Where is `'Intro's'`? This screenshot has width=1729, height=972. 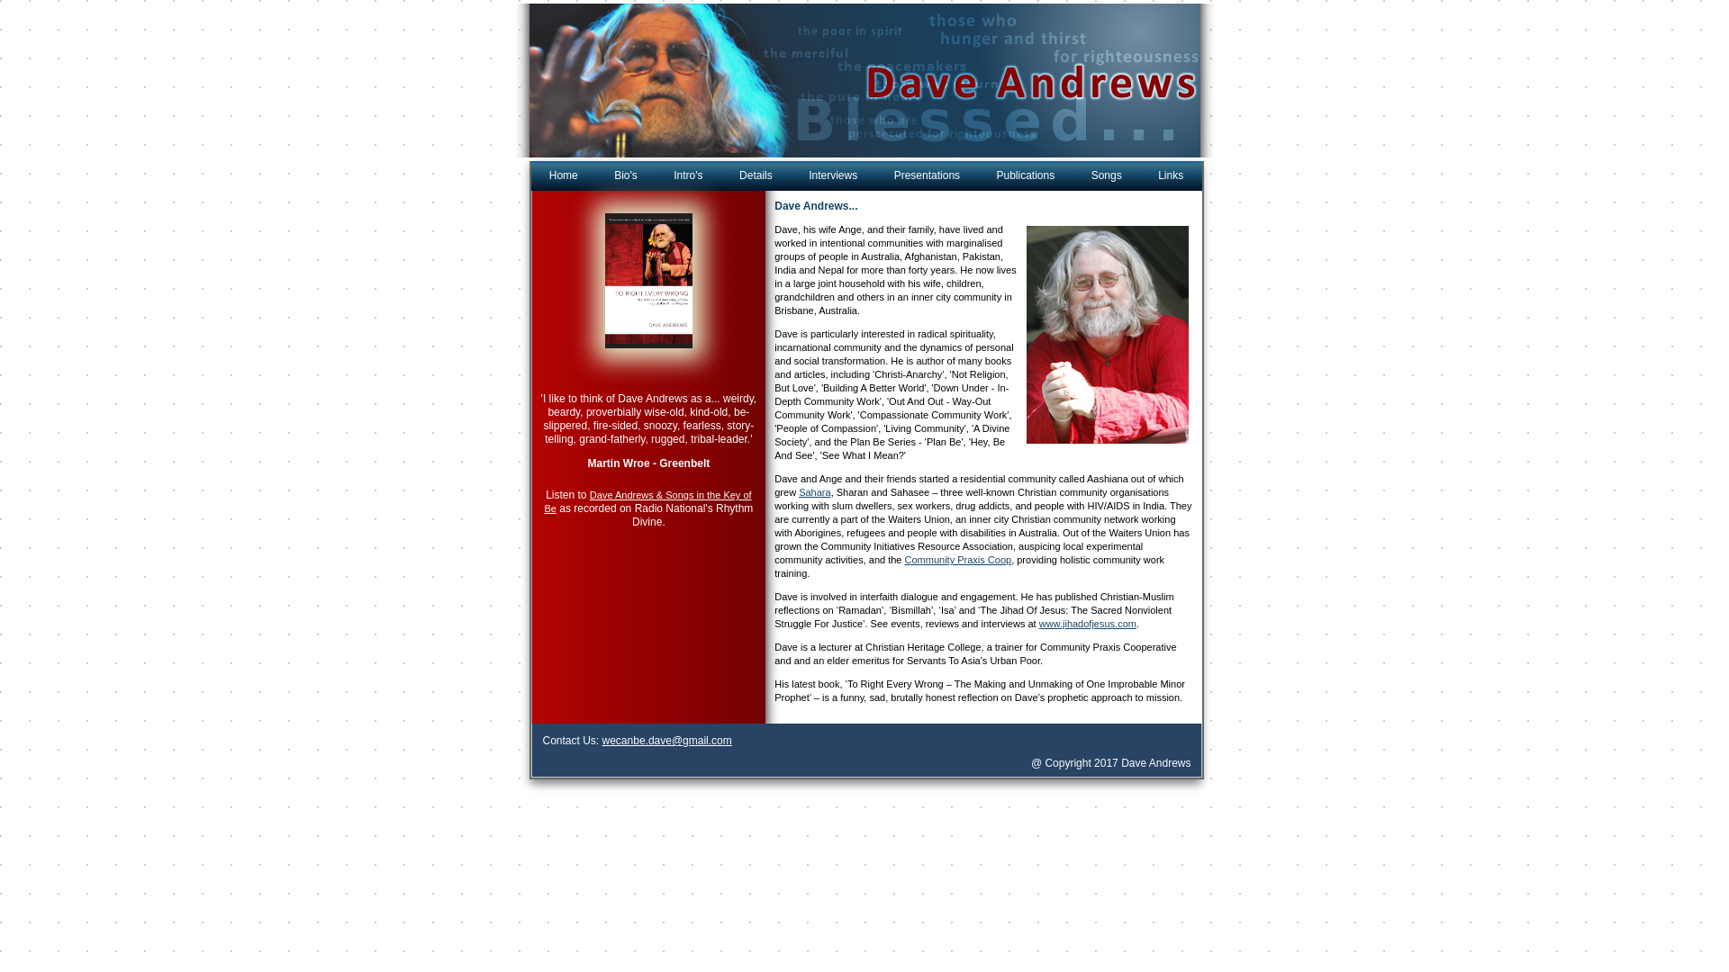 'Intro's' is located at coordinates (686, 175).